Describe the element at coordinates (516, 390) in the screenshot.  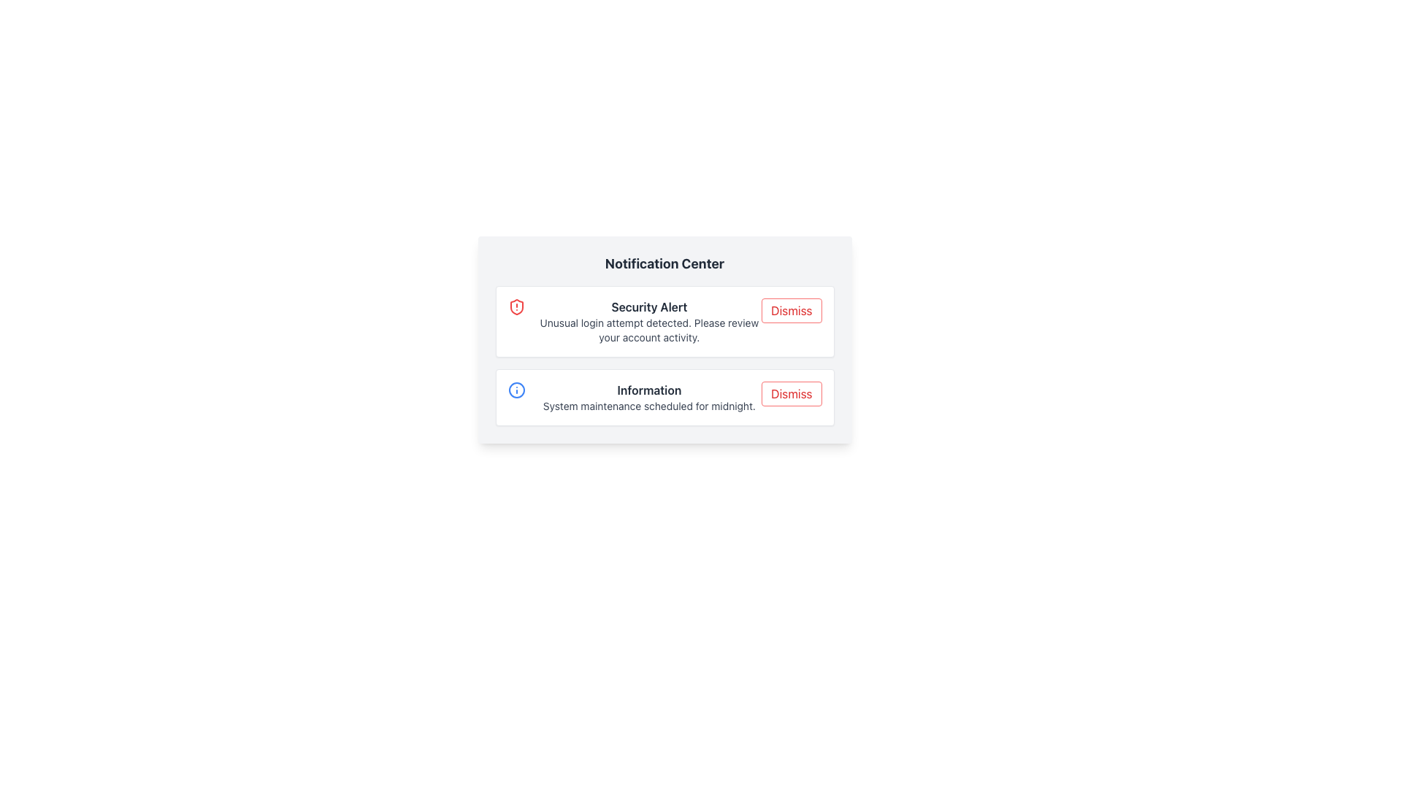
I see `the circular information icon with a blue outline and dot, located to the far left of the notification box labeled 'Information: System maintenance scheduled for midnight.'` at that location.